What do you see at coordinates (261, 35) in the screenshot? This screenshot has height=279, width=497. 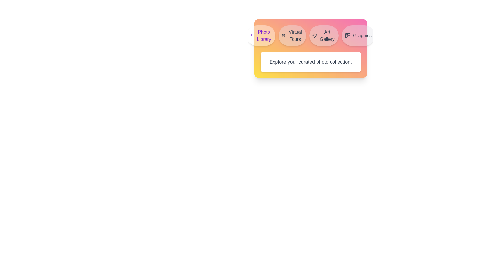 I see `the tab labeled 'Photo Library' to preview its effect` at bounding box center [261, 35].